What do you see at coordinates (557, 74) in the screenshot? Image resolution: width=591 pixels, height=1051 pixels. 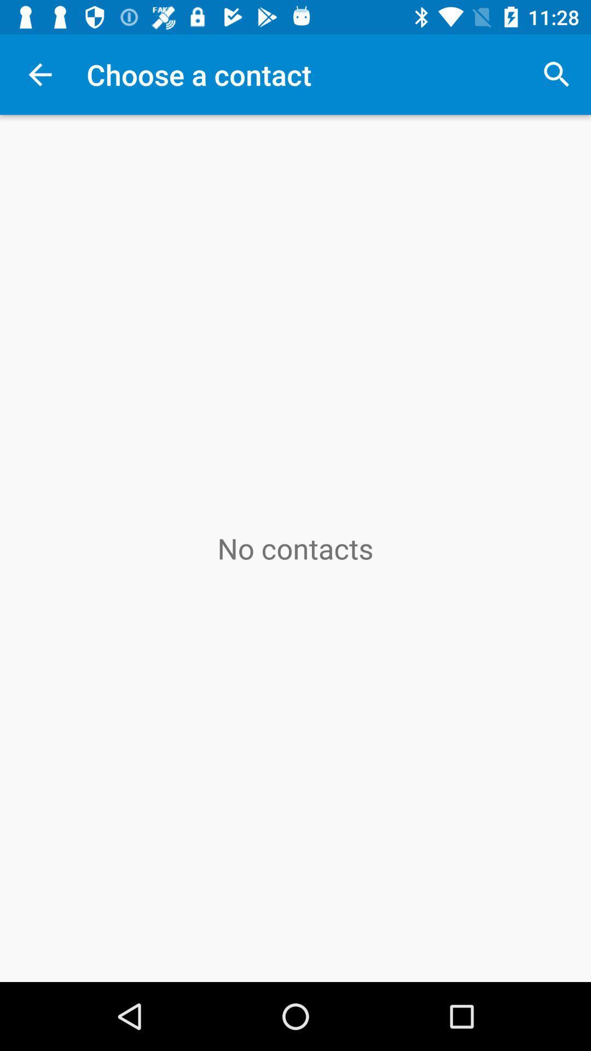 I see `the icon to the right of the choose a contact app` at bounding box center [557, 74].